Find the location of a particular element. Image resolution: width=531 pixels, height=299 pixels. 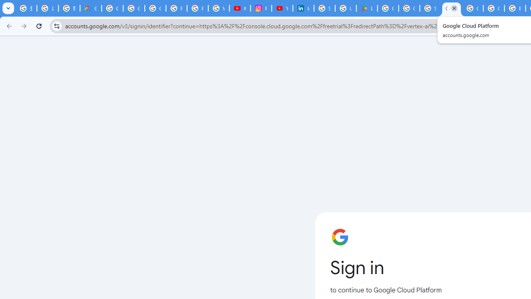

'YouTube Culture & Trends - On The Rise: Handcam Videos' is located at coordinates (282, 8).